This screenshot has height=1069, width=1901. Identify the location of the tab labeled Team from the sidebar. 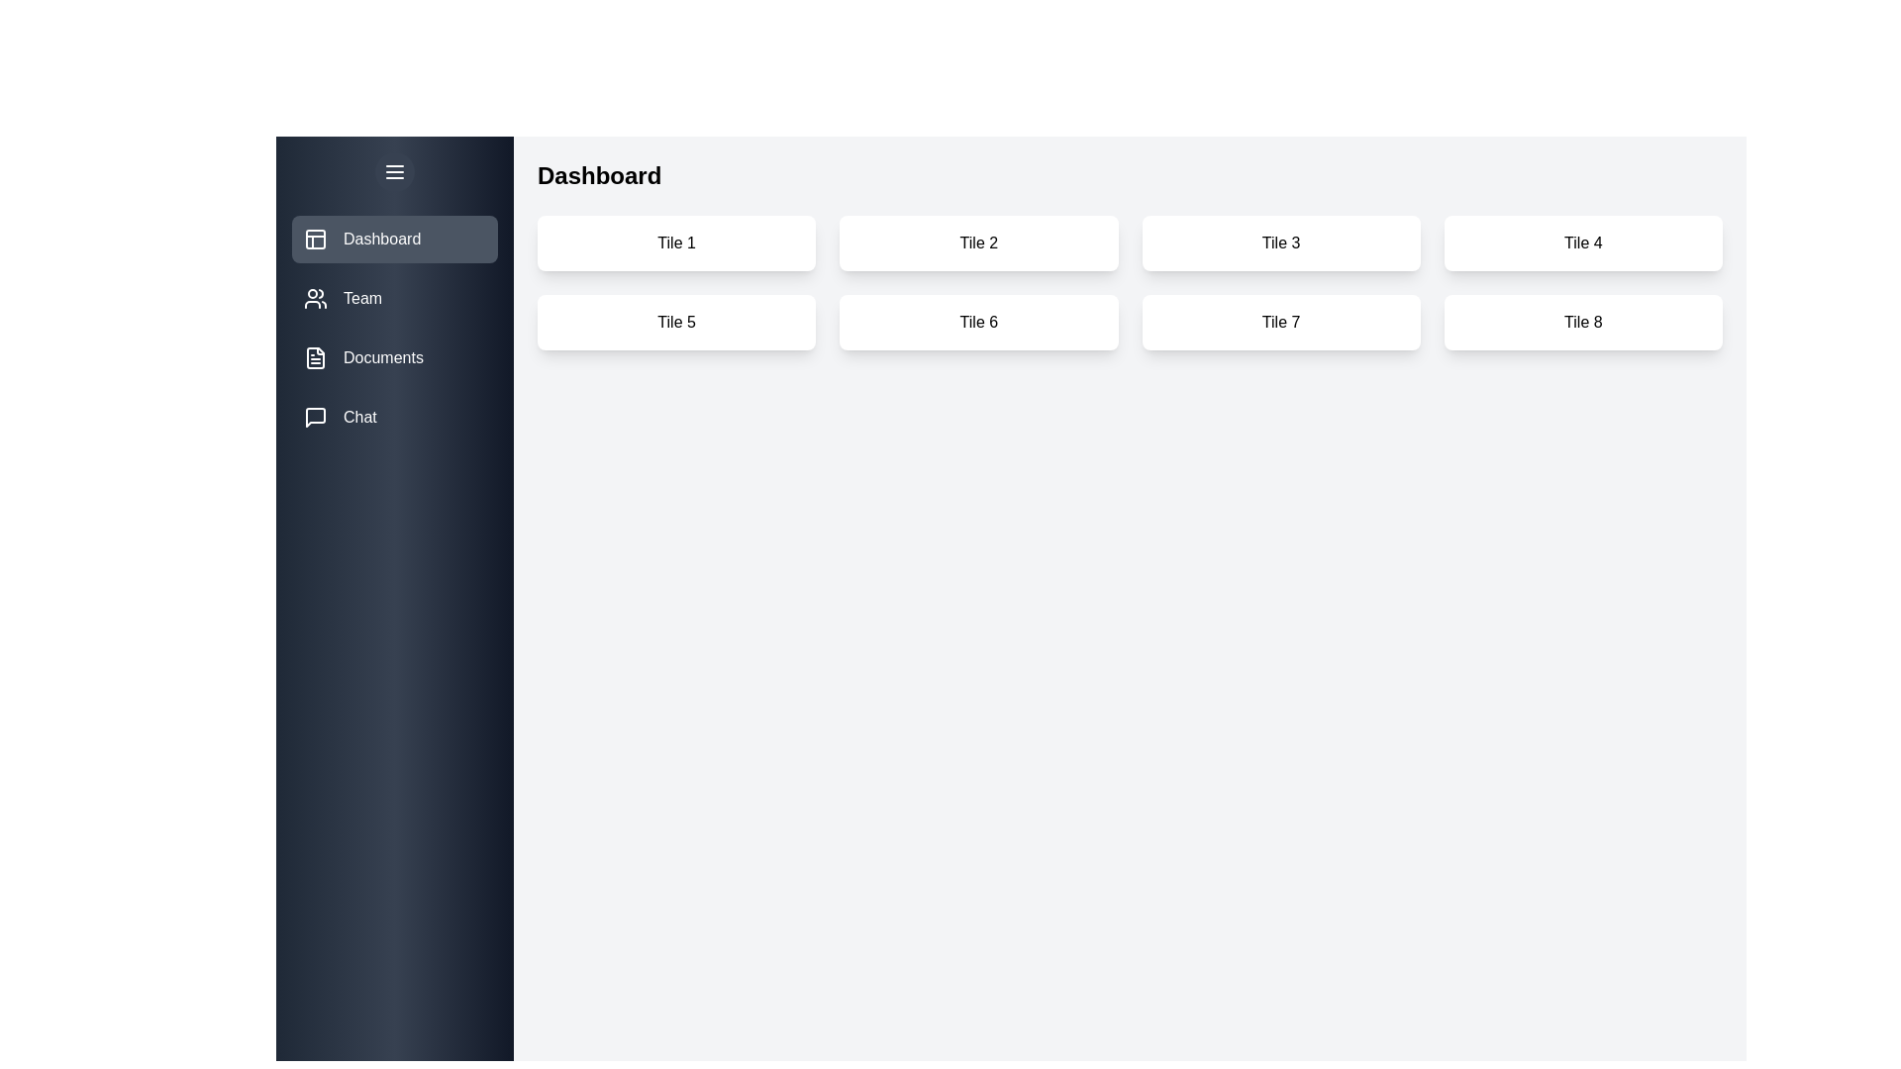
(394, 298).